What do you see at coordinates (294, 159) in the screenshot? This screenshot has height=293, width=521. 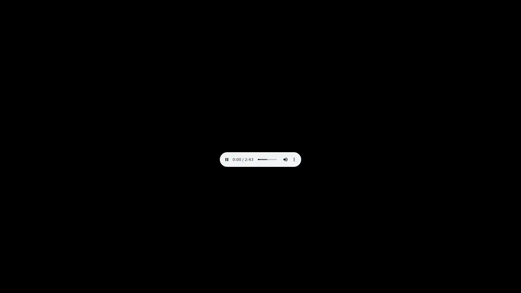 I see `show more media controls` at bounding box center [294, 159].